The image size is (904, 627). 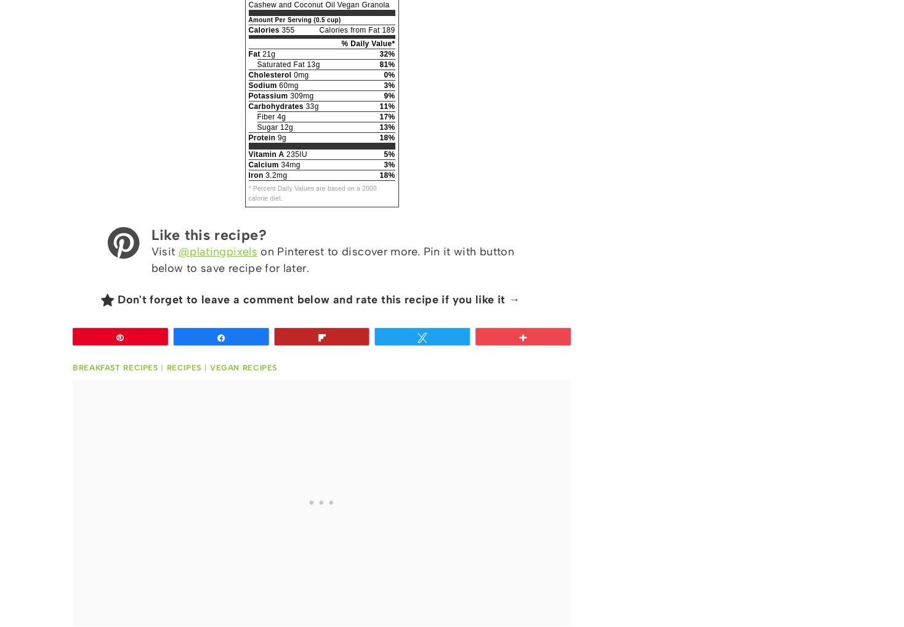 I want to click on '355', so click(x=286, y=30).